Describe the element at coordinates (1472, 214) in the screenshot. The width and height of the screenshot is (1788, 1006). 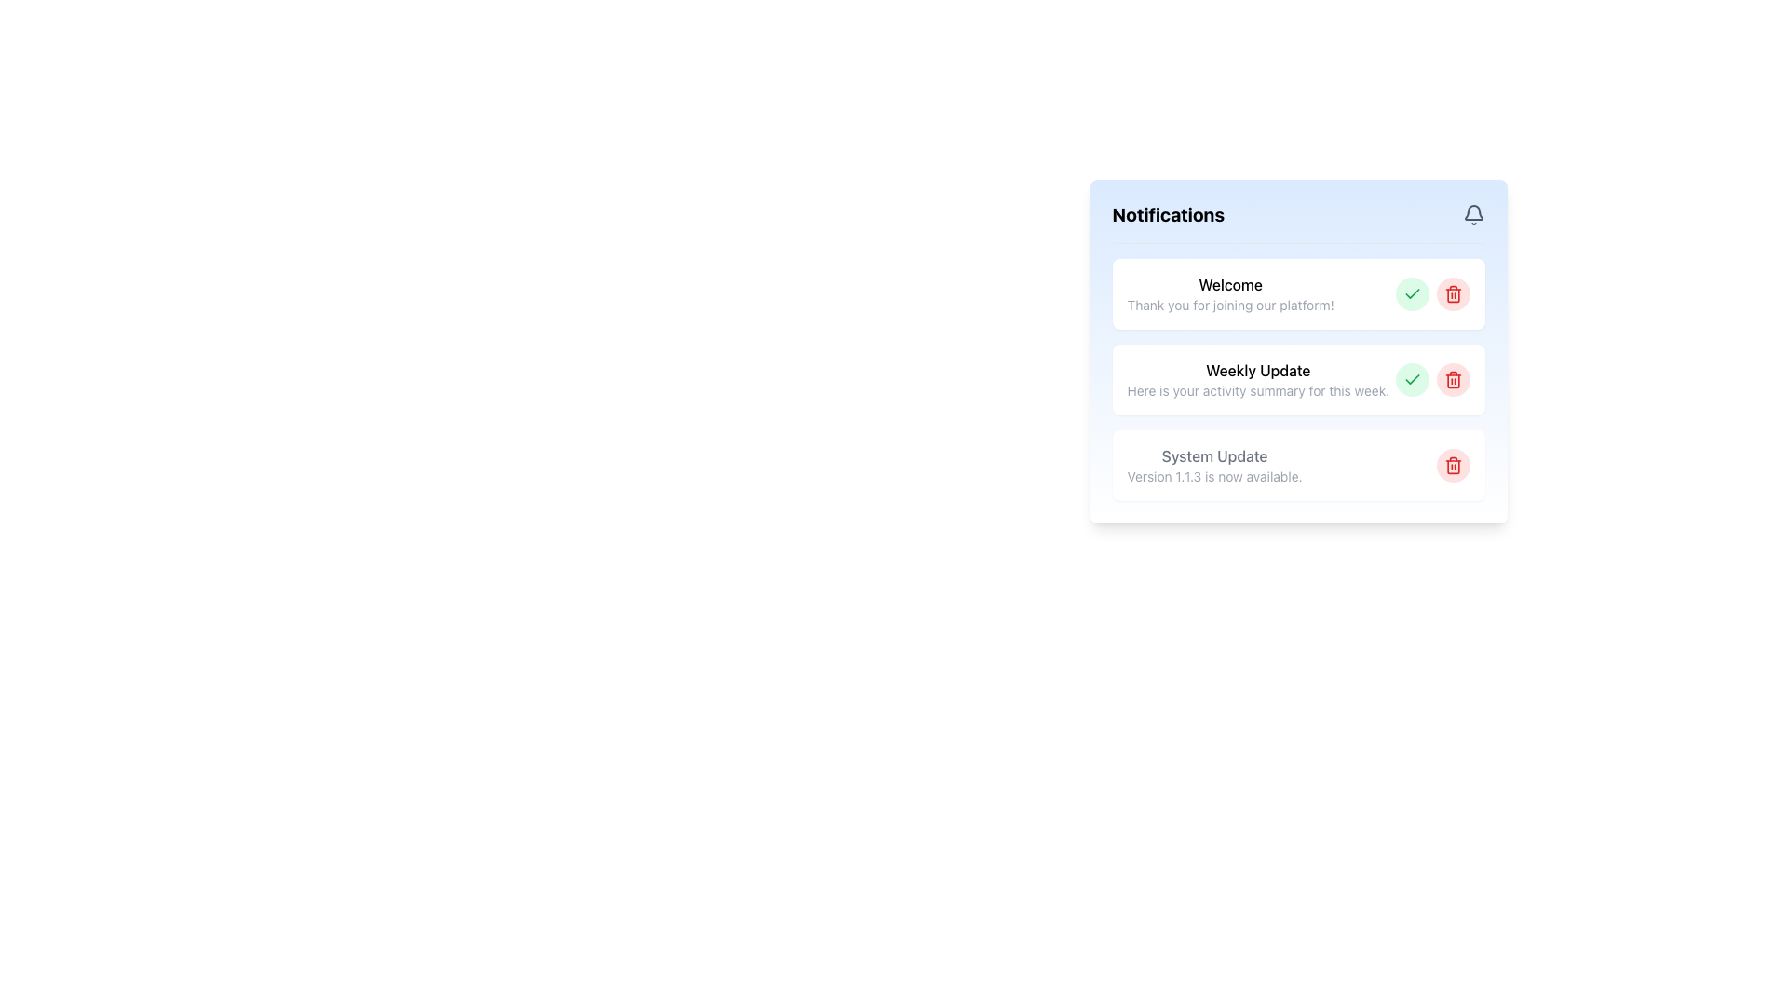
I see `the notification bell icon located at the top-right corner of the notification panel` at that location.